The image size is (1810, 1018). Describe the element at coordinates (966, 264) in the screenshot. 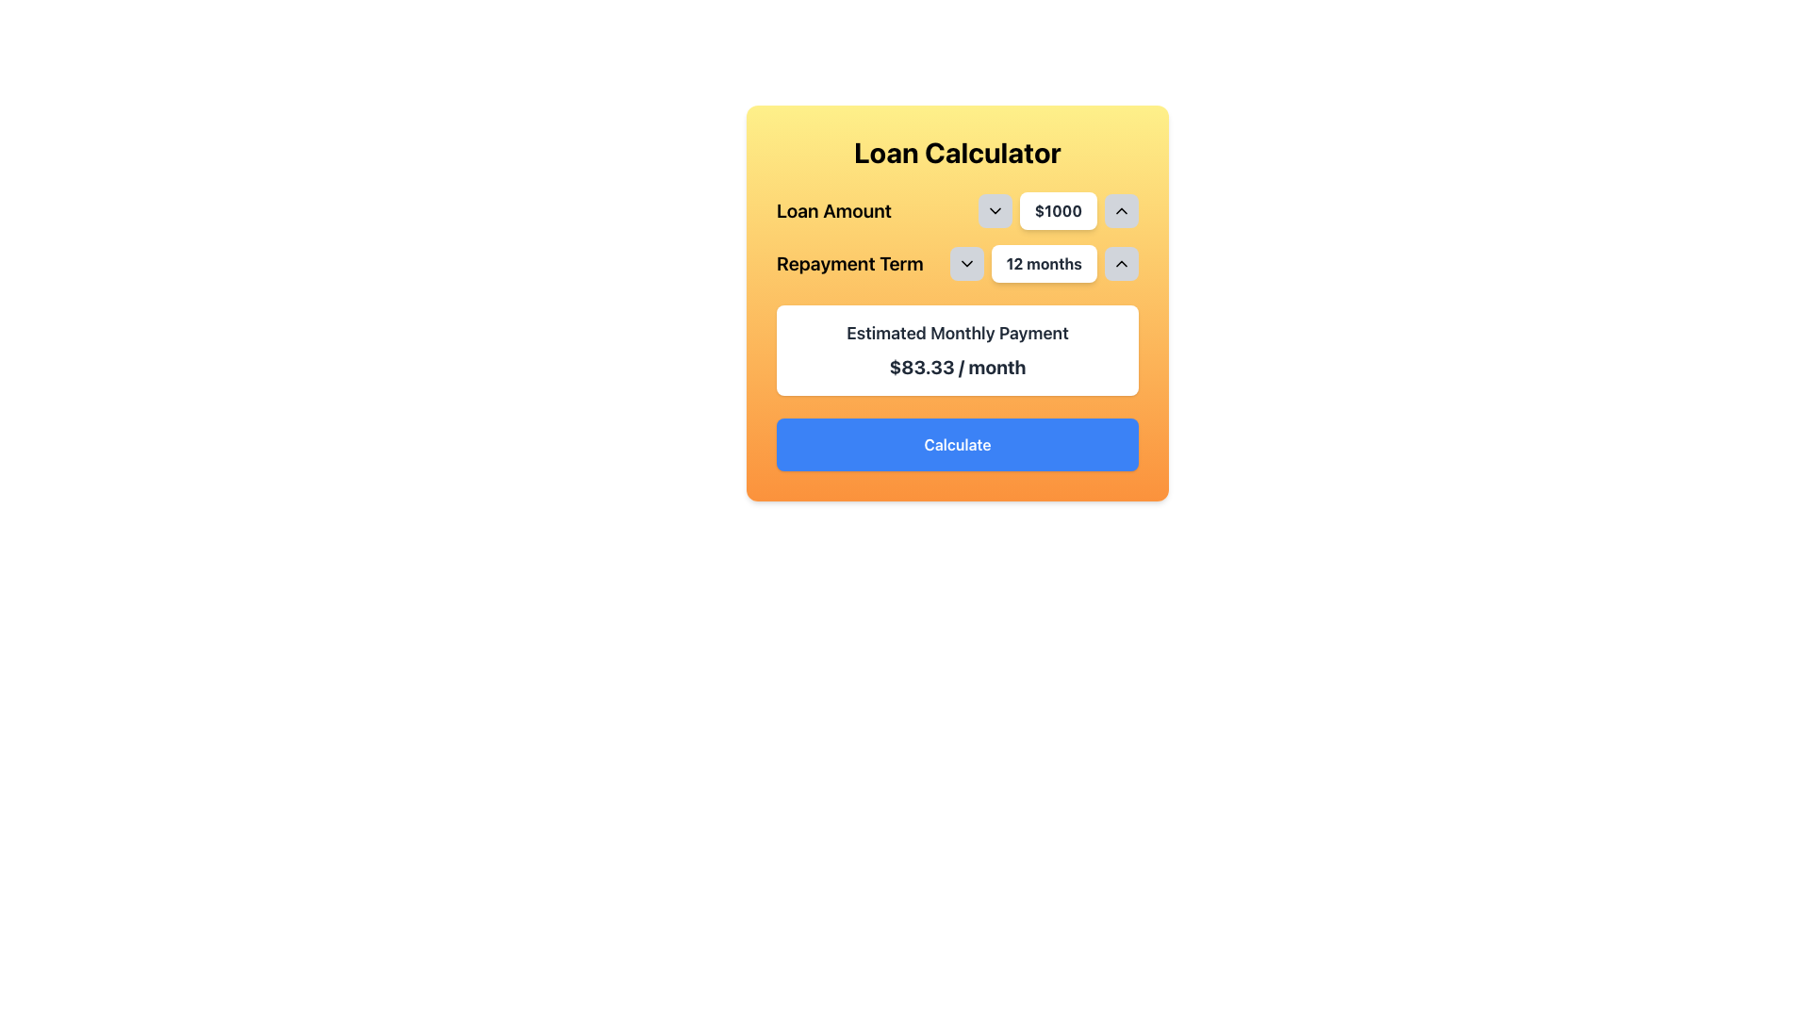

I see `the gray rounded button with a downward-pointing chevron icon located to the left of the '12 months' text in the 'Repayment Term' section to observe hover effects` at that location.